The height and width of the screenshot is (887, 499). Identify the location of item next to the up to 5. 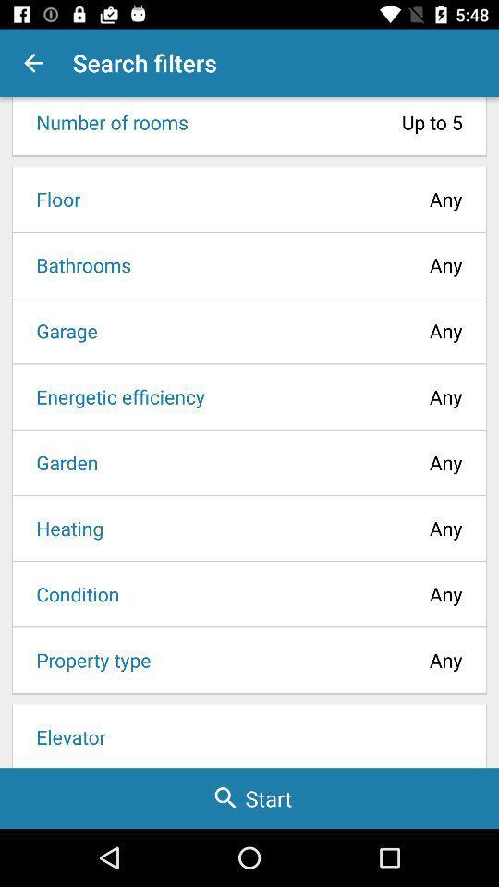
(106, 121).